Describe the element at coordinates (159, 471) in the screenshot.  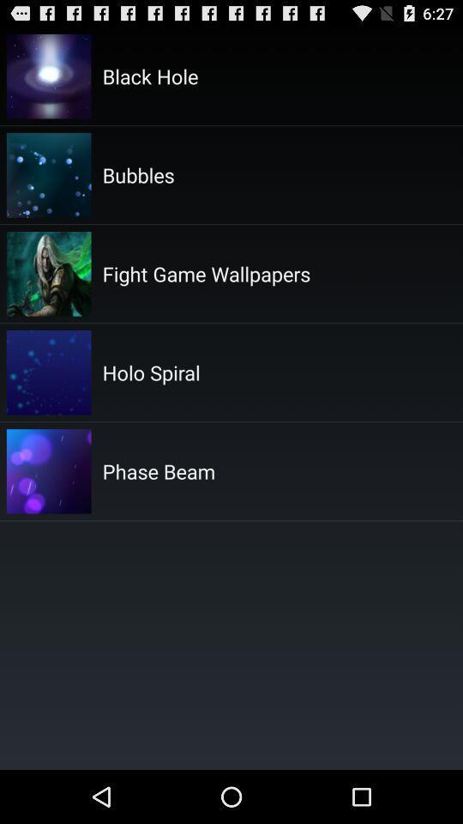
I see `phase beam` at that location.